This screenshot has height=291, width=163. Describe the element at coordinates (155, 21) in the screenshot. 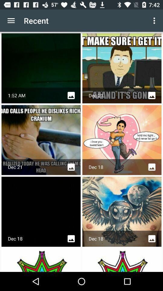

I see `app next to recent app` at that location.